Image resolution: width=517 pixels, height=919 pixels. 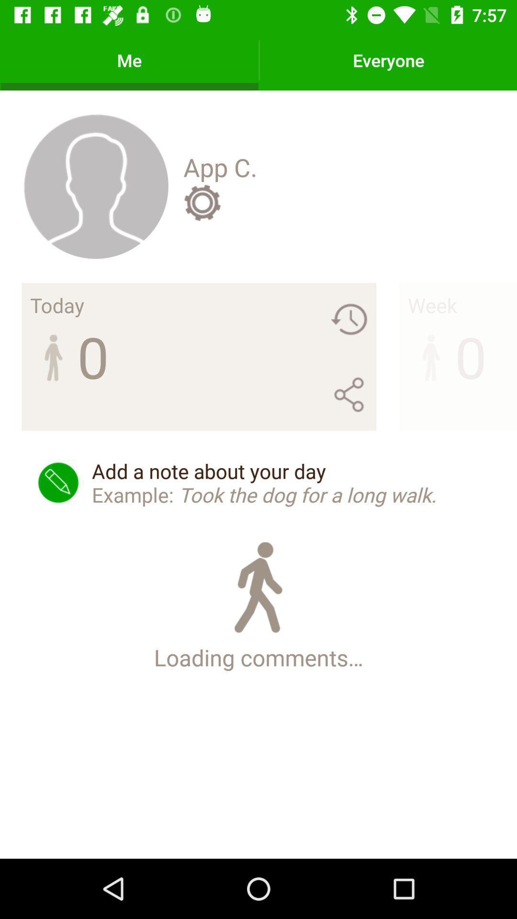 What do you see at coordinates (95, 186) in the screenshot?
I see `the icon to the left of app c. icon` at bounding box center [95, 186].